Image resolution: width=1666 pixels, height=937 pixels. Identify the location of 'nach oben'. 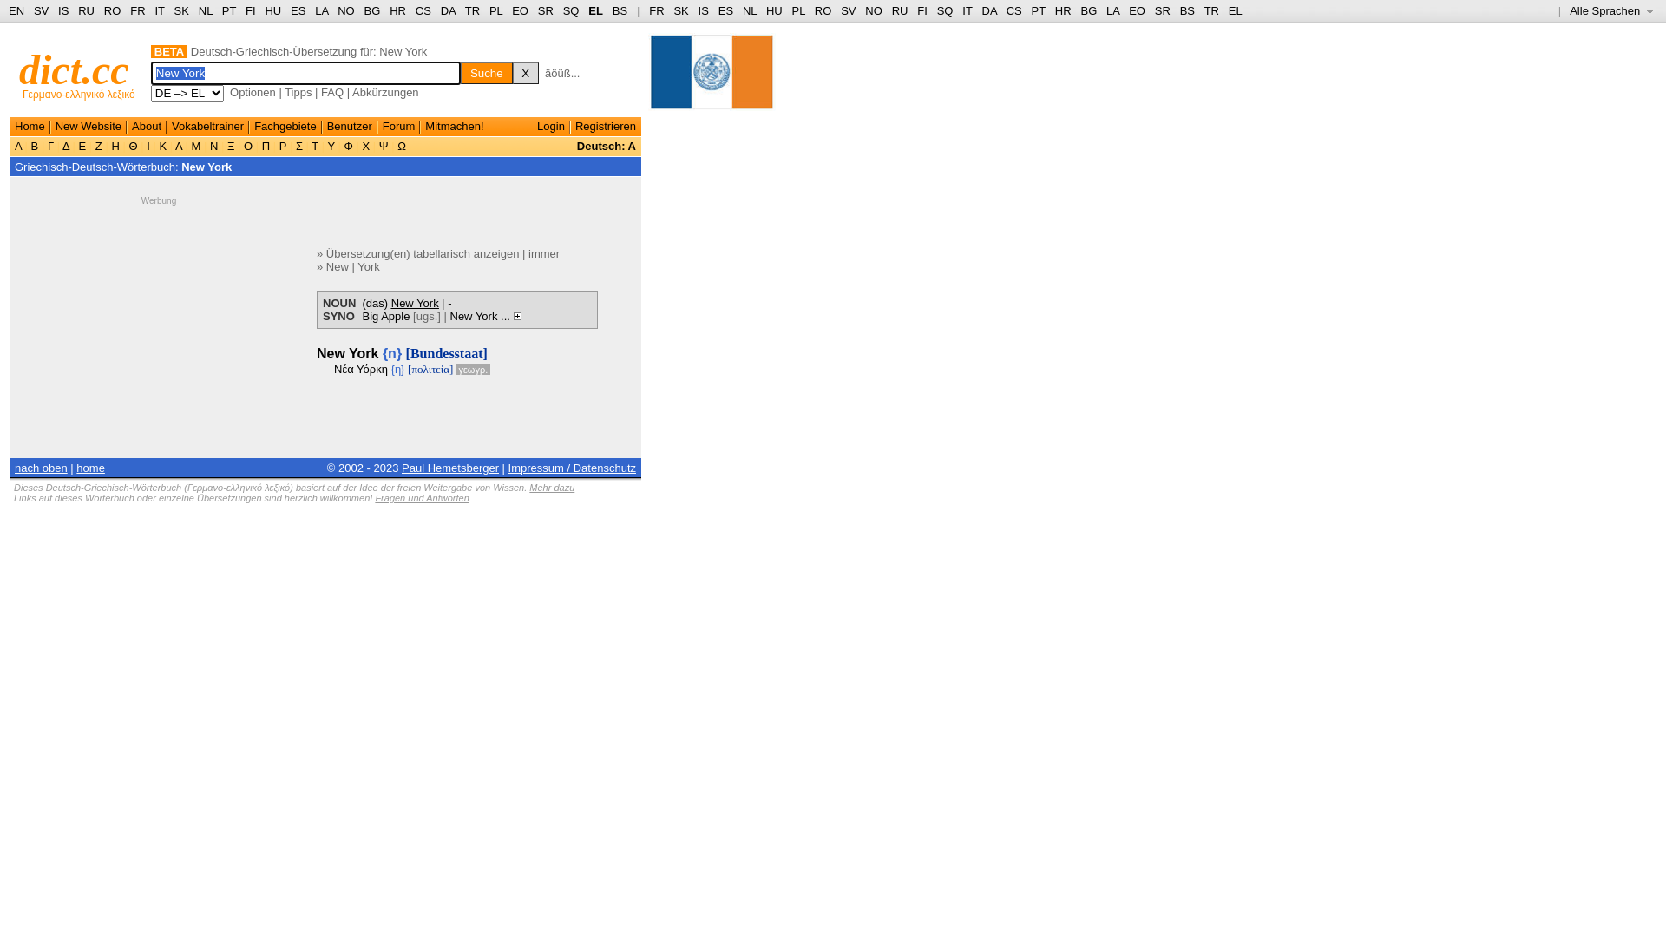
(41, 467).